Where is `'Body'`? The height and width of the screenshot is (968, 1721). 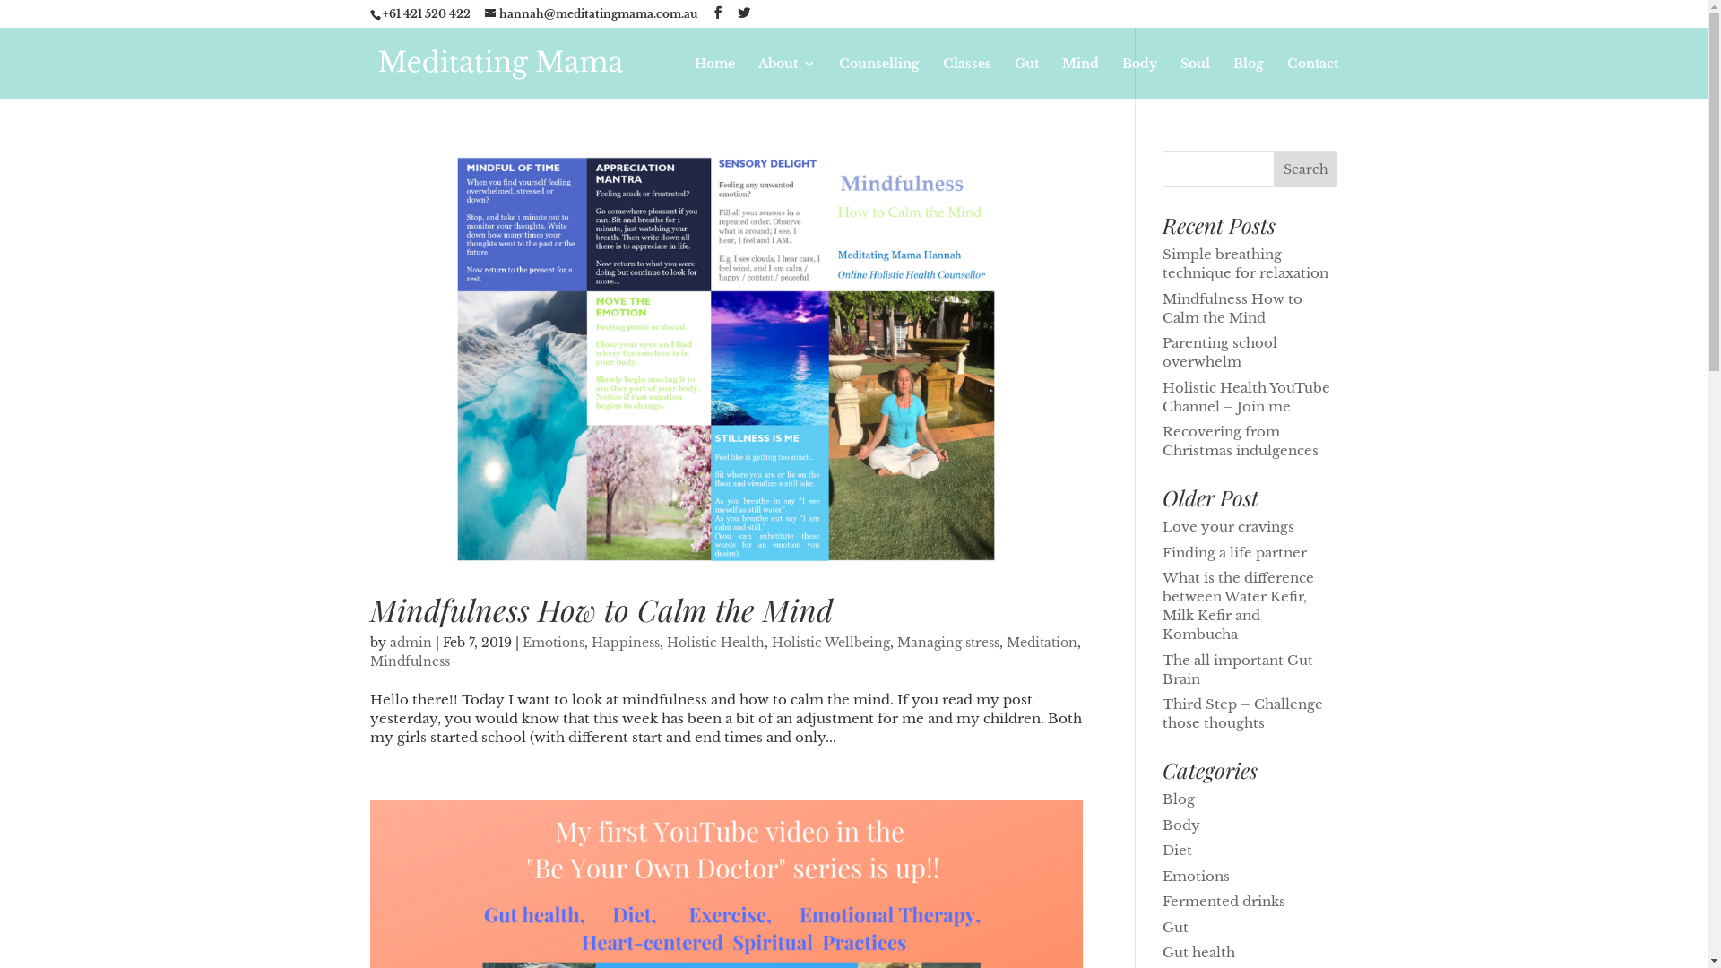 'Body' is located at coordinates (1138, 77).